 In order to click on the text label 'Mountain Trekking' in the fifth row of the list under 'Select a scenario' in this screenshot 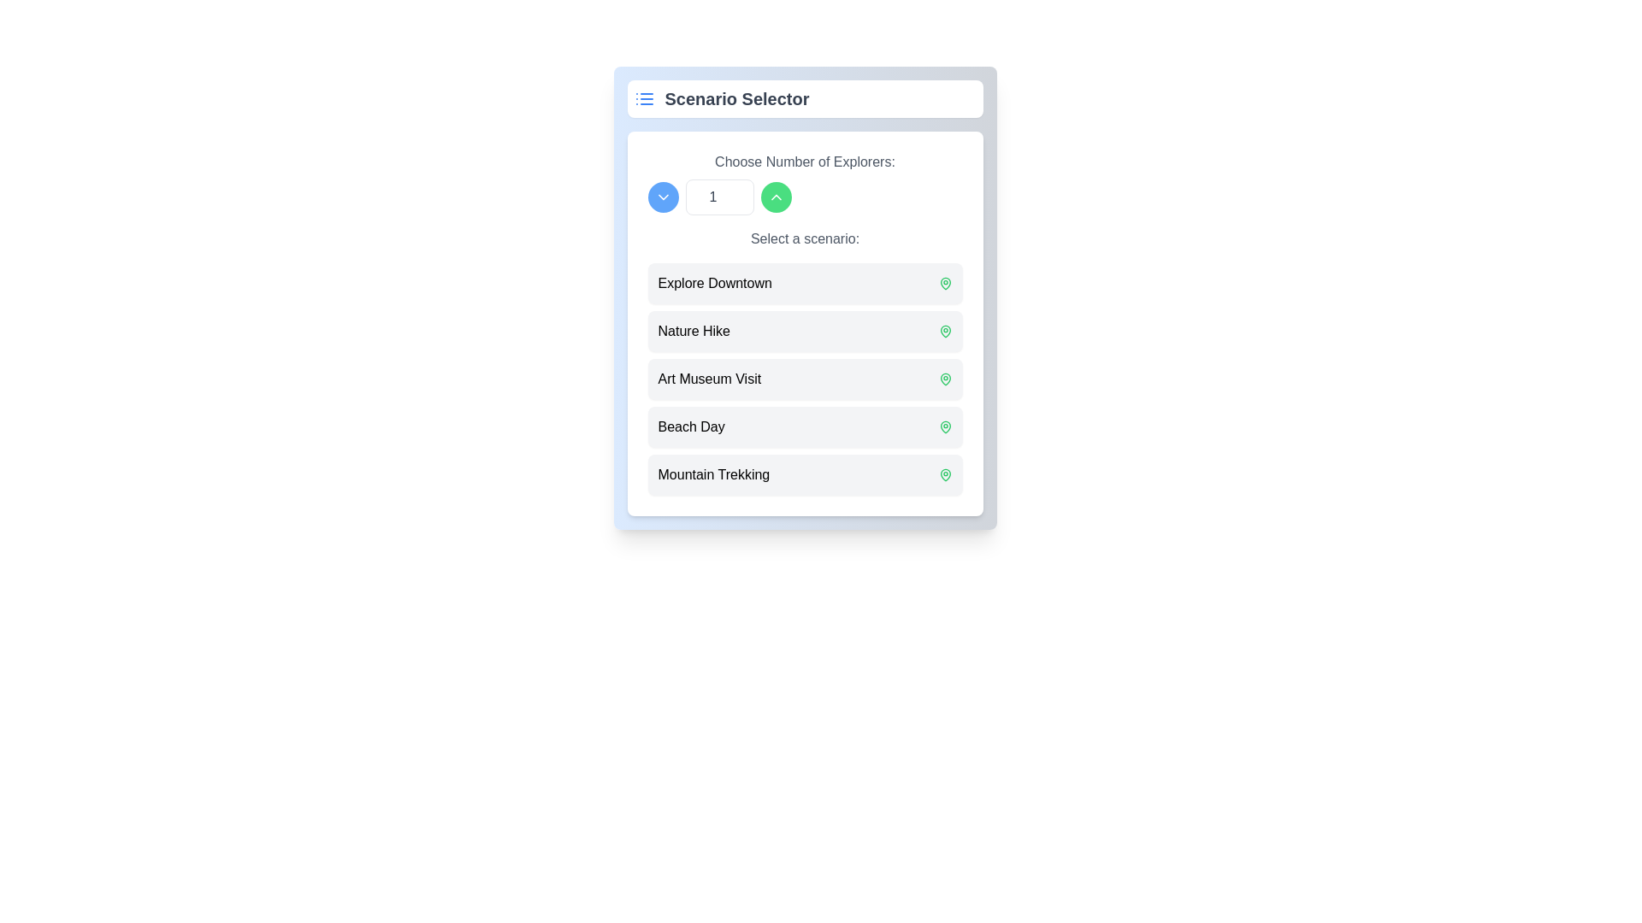, I will do `click(713, 474)`.